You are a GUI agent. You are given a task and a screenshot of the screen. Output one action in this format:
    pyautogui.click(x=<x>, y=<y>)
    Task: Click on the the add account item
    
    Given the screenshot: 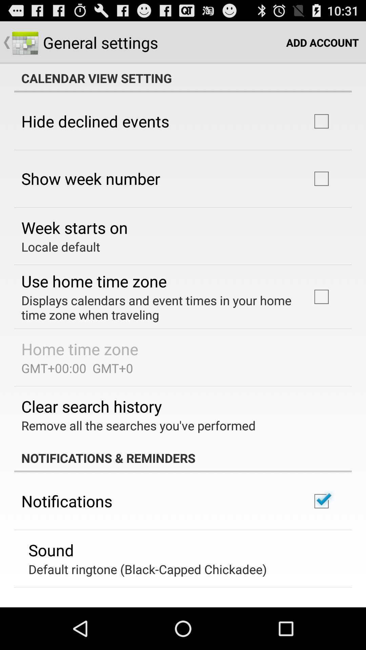 What is the action you would take?
    pyautogui.click(x=322, y=42)
    